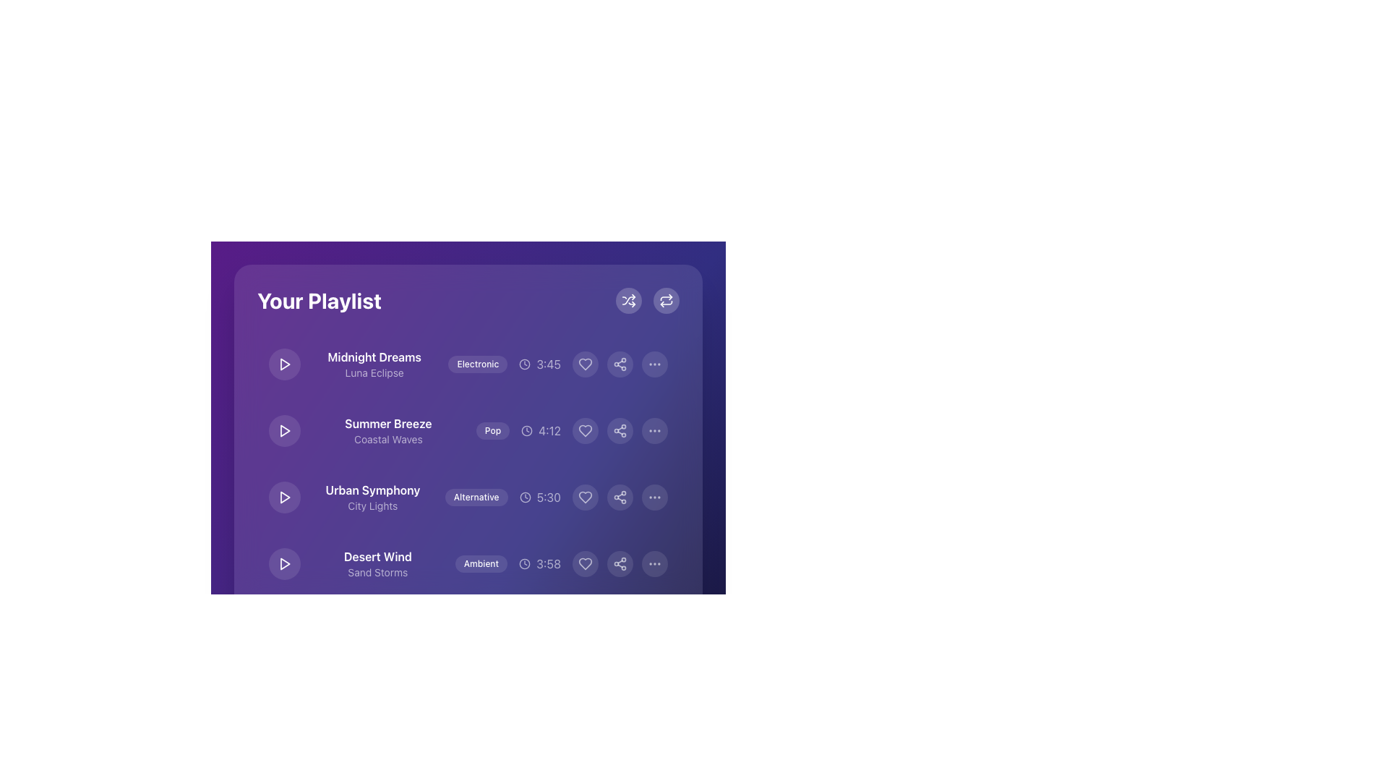  Describe the element at coordinates (620, 364) in the screenshot. I see `the circular share button located on the top row of the playlist items layout to change its visual appearance` at that location.